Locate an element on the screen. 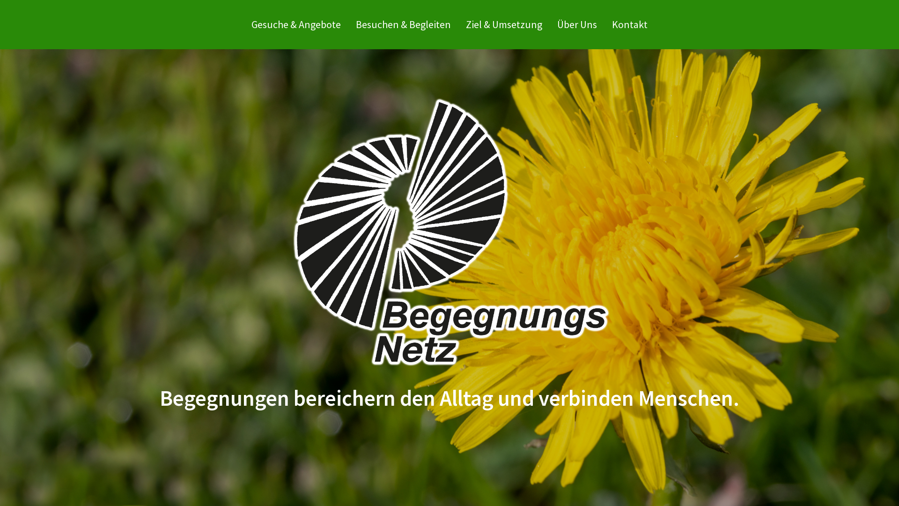  'Kontakt' is located at coordinates (629, 23).